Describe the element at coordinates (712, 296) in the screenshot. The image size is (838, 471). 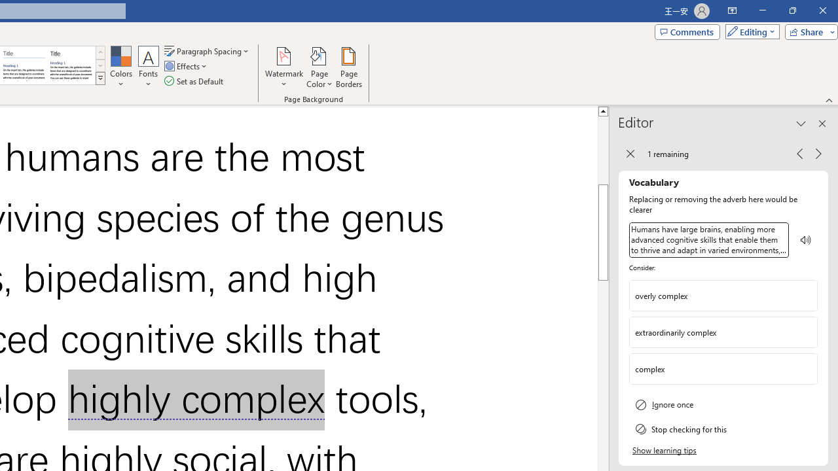
I see `'overly complex'` at that location.